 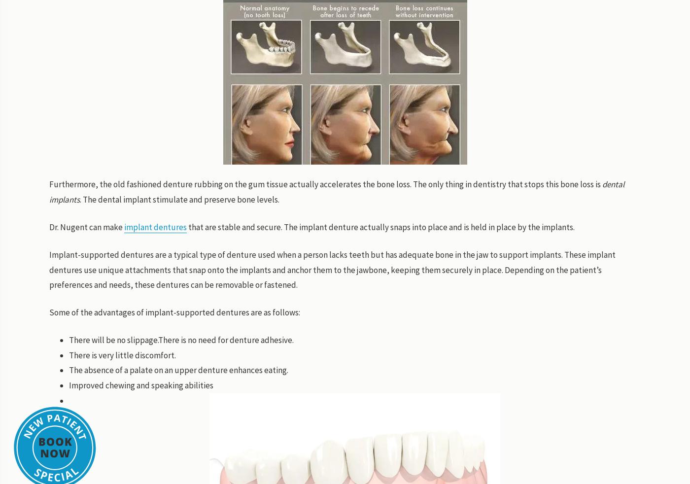 I want to click on 'There will be no slippage.There is no need for denture adhesive.', so click(x=181, y=339).